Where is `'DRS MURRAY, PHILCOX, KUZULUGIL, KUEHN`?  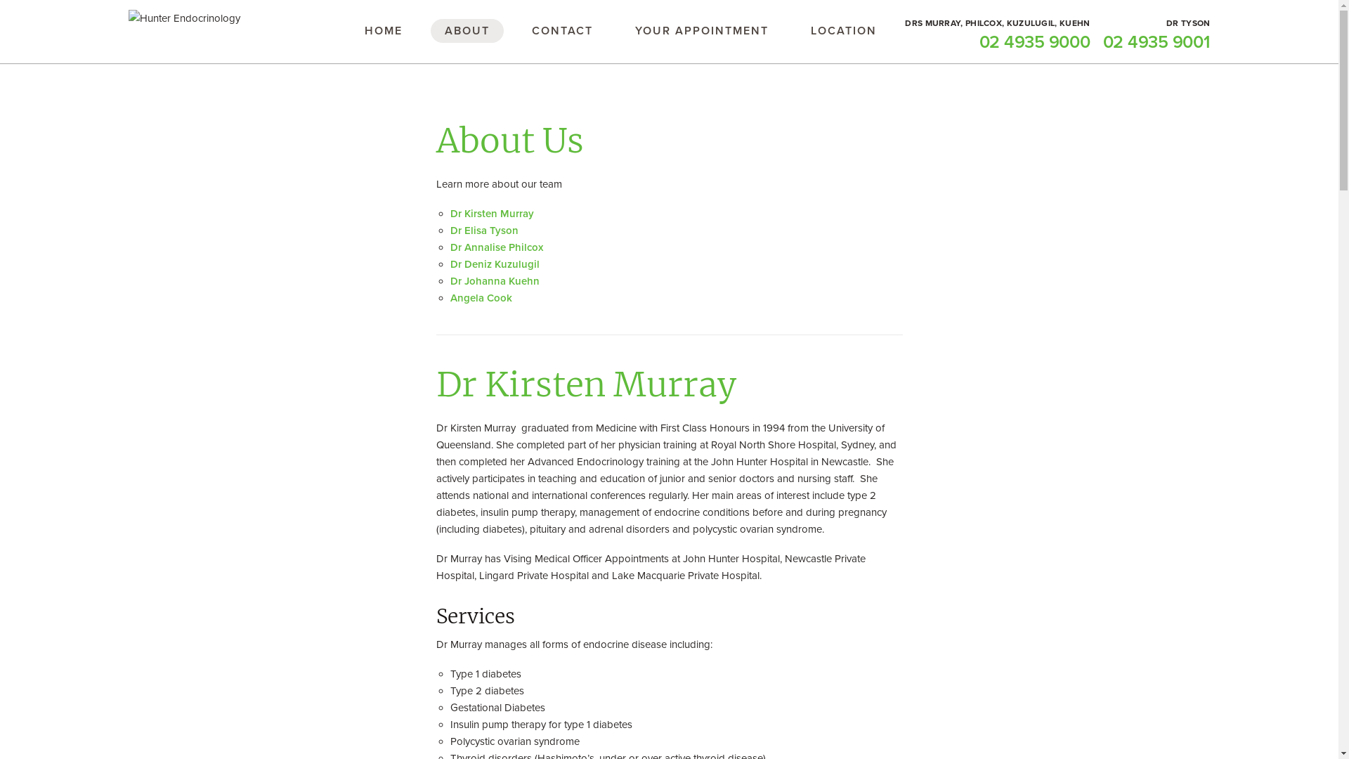 'DRS MURRAY, PHILCOX, KUZULUGIL, KUEHN is located at coordinates (996, 34).